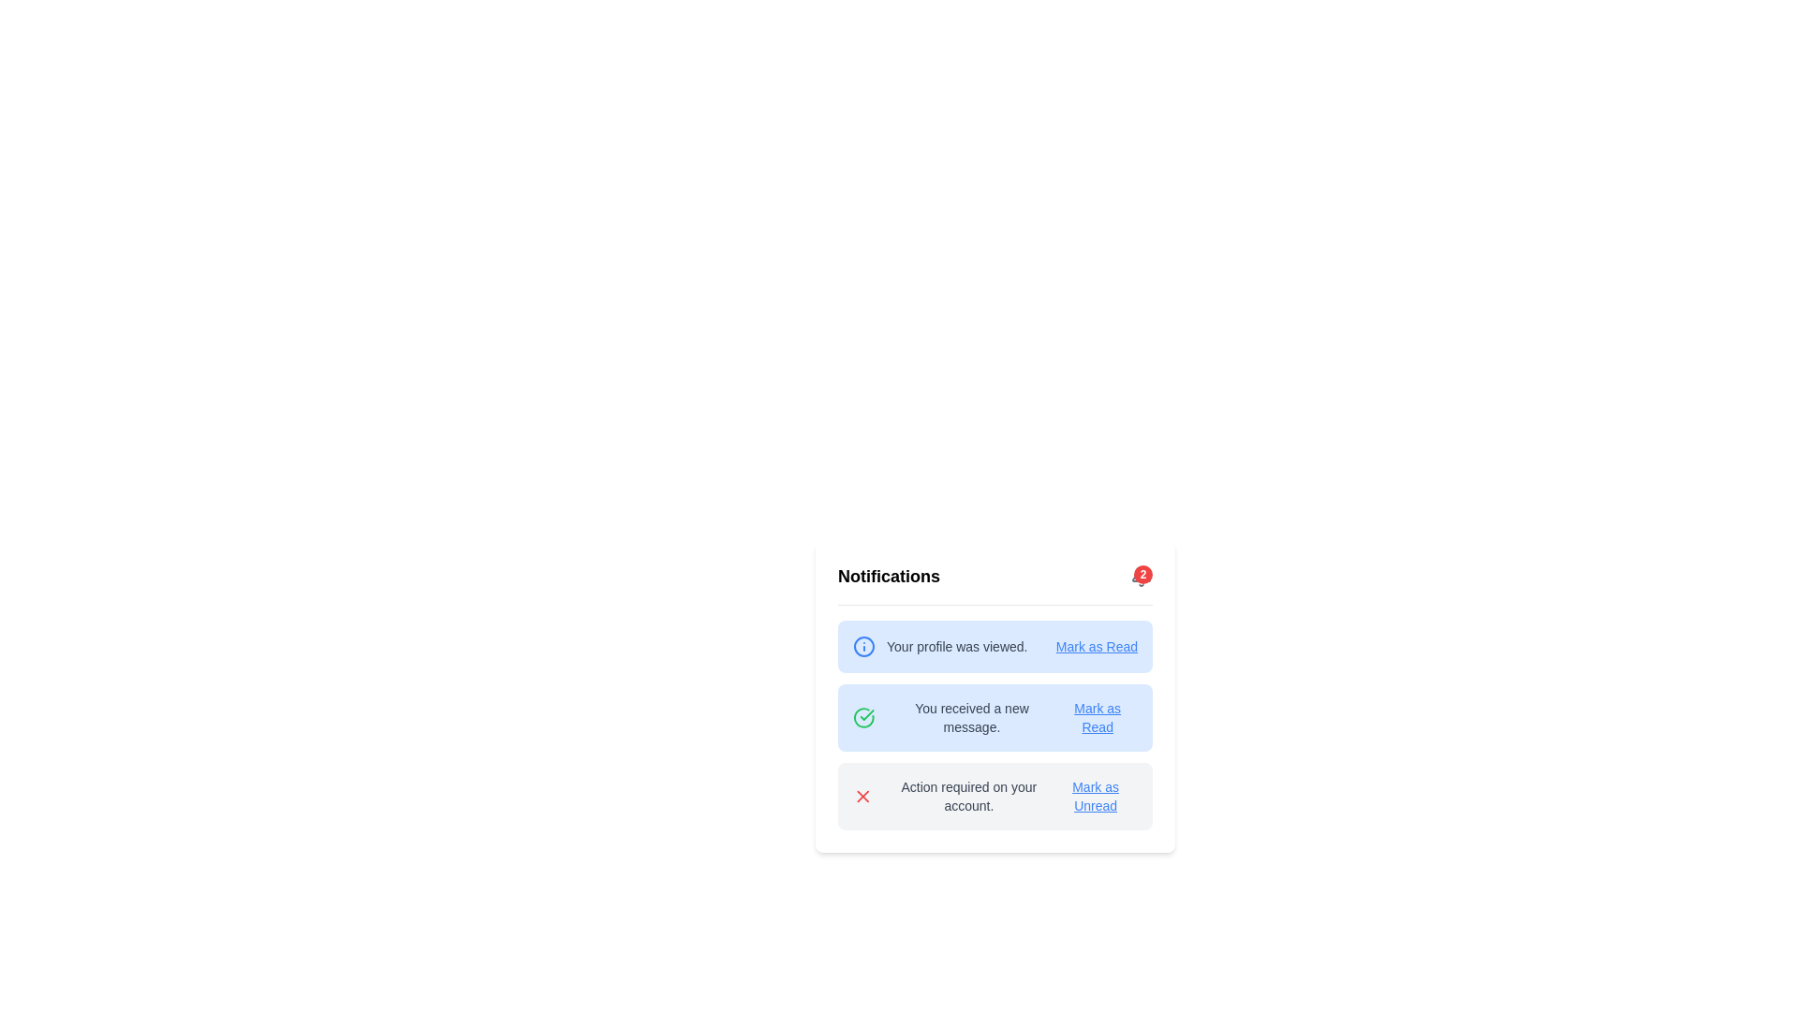 The image size is (1798, 1011). I want to click on the middle notification in the notification card that informs the user about a received message, which is accompanied by a 'Mark as Read' link, so click(955, 717).